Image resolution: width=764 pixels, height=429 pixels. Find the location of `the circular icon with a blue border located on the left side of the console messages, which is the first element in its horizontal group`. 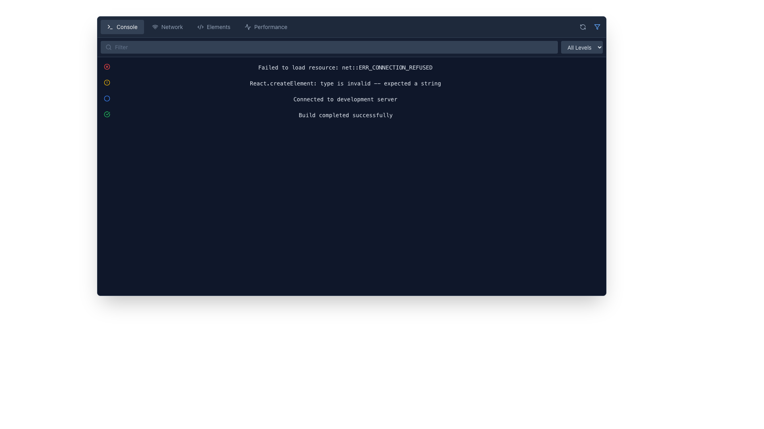

the circular icon with a blue border located on the left side of the console messages, which is the first element in its horizontal group is located at coordinates (106, 98).